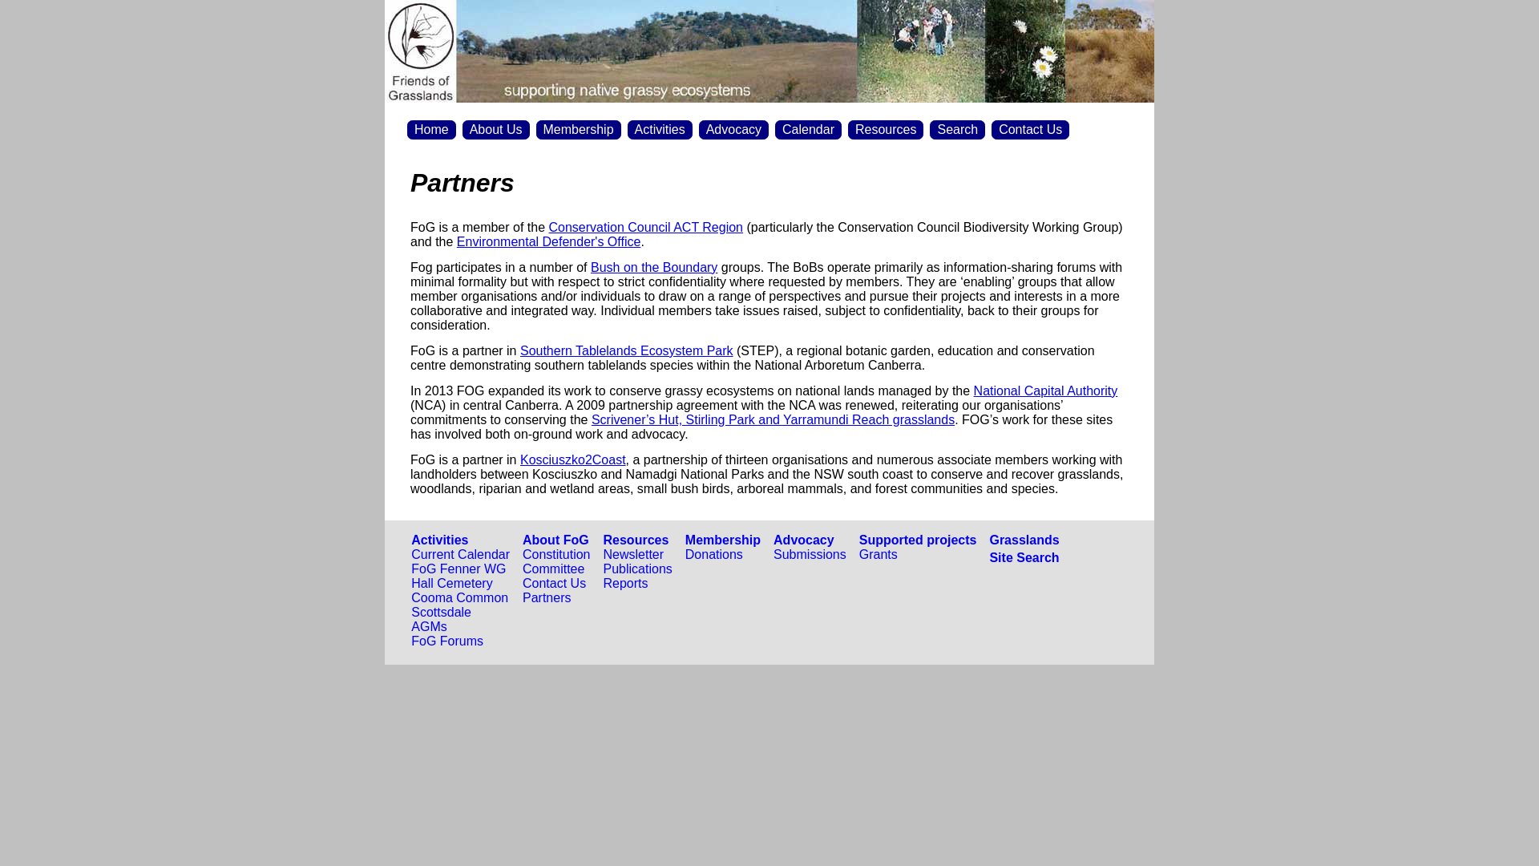  Describe the element at coordinates (637, 568) in the screenshot. I see `'Publications'` at that location.